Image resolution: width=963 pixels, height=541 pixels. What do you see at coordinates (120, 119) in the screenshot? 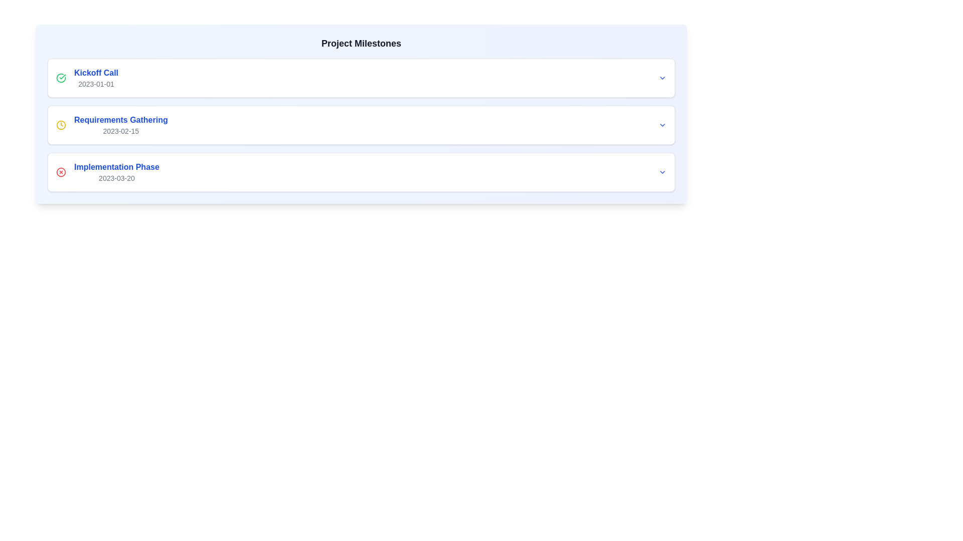
I see `text from the label displaying 'Requirements Gathering', which is styled in bold blue font and located in the second section of the milestones list, above the date '2023-02-15'` at bounding box center [120, 119].